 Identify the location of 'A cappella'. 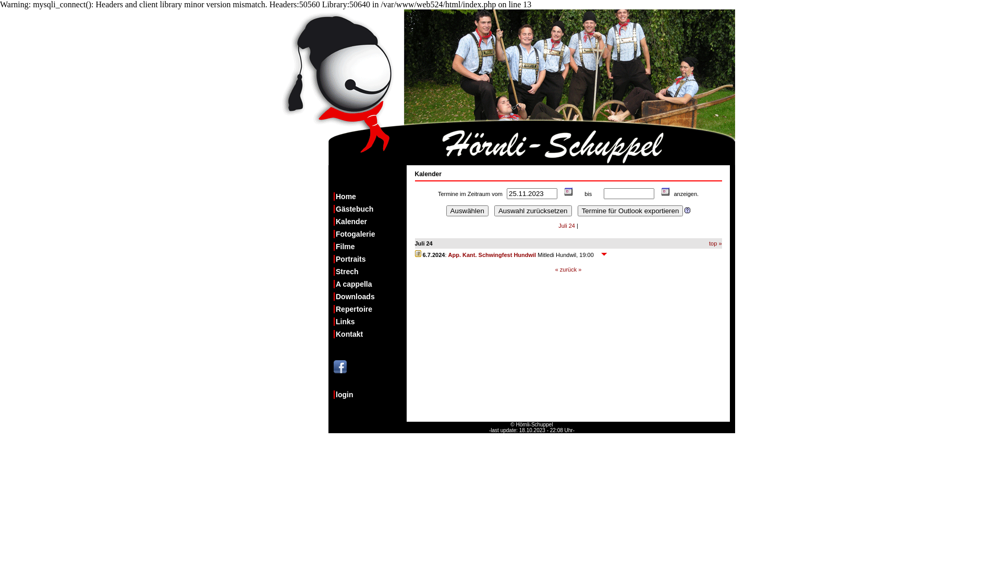
(370, 284).